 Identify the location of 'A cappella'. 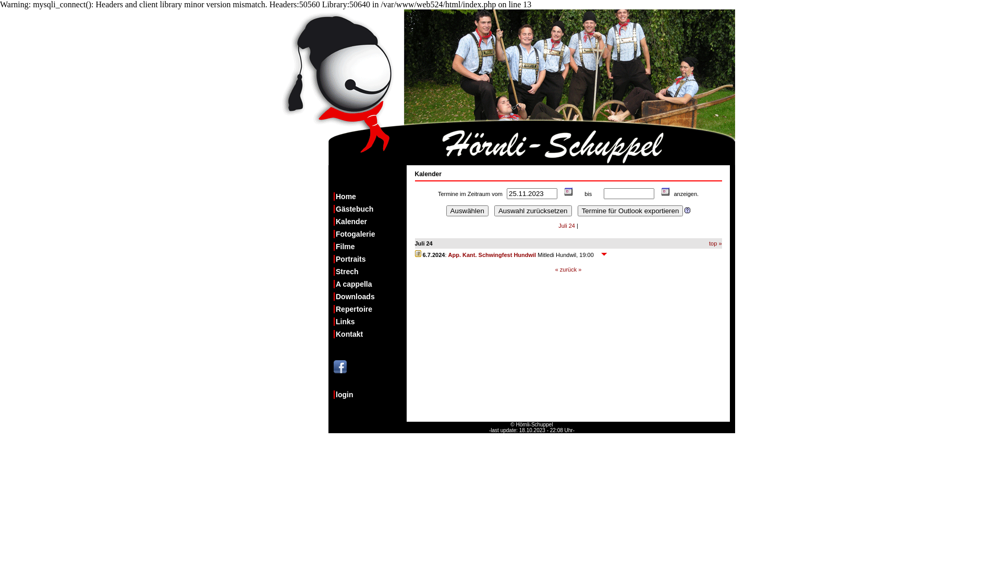
(370, 284).